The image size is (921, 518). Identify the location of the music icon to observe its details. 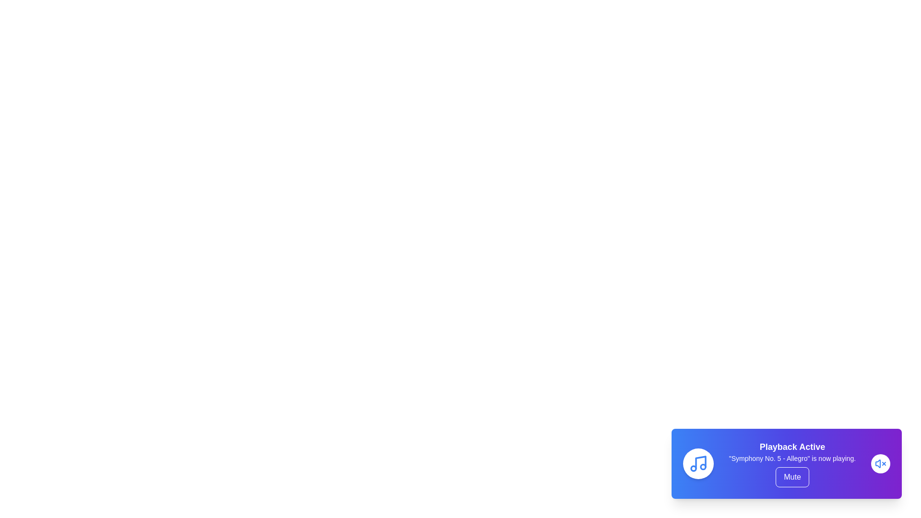
(698, 463).